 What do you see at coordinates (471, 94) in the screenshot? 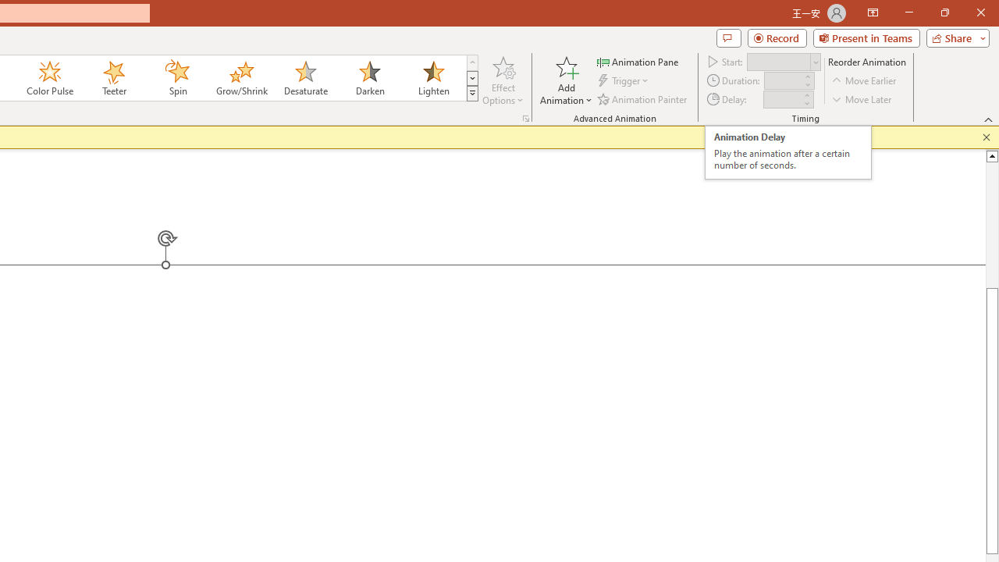
I see `'Animation Styles'` at bounding box center [471, 94].